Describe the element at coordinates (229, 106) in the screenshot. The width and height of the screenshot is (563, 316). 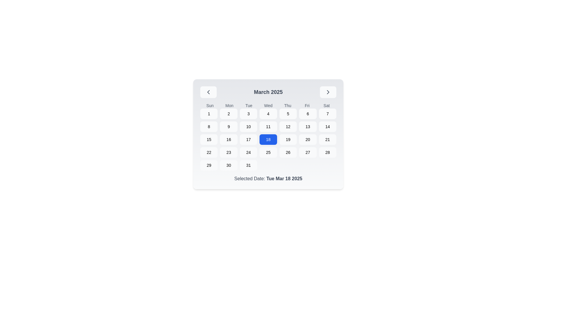
I see `the Text label indicating the abbreviation for Monday, located between 'Sun' and 'Tue' in the calendar's day labels row` at that location.